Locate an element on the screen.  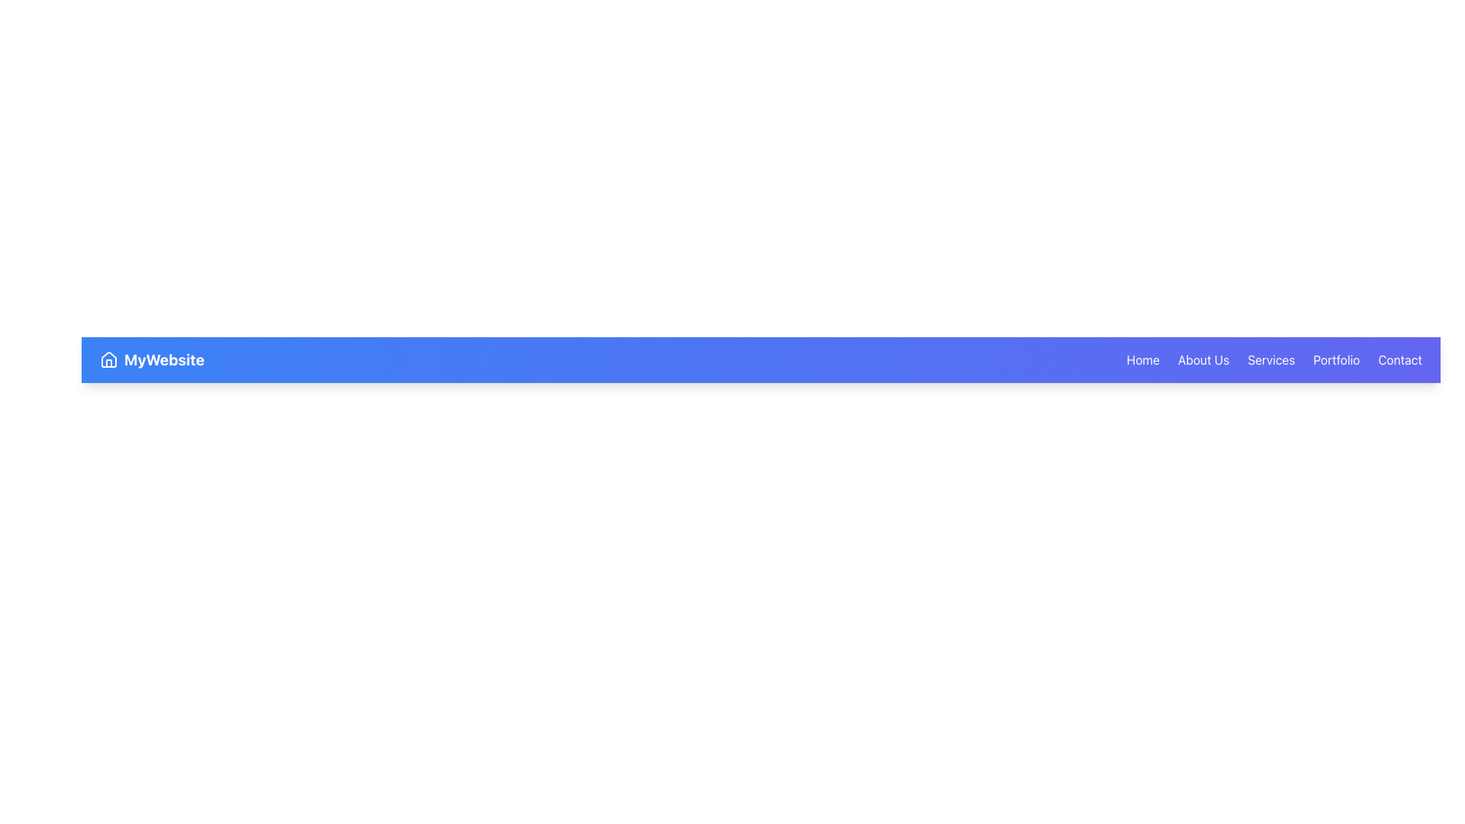
the 'Services' hyperlink located in the center of the navigation bar, positioned between 'About Us' and 'Portfolio' links, to trigger the hover effect is located at coordinates (1271, 359).